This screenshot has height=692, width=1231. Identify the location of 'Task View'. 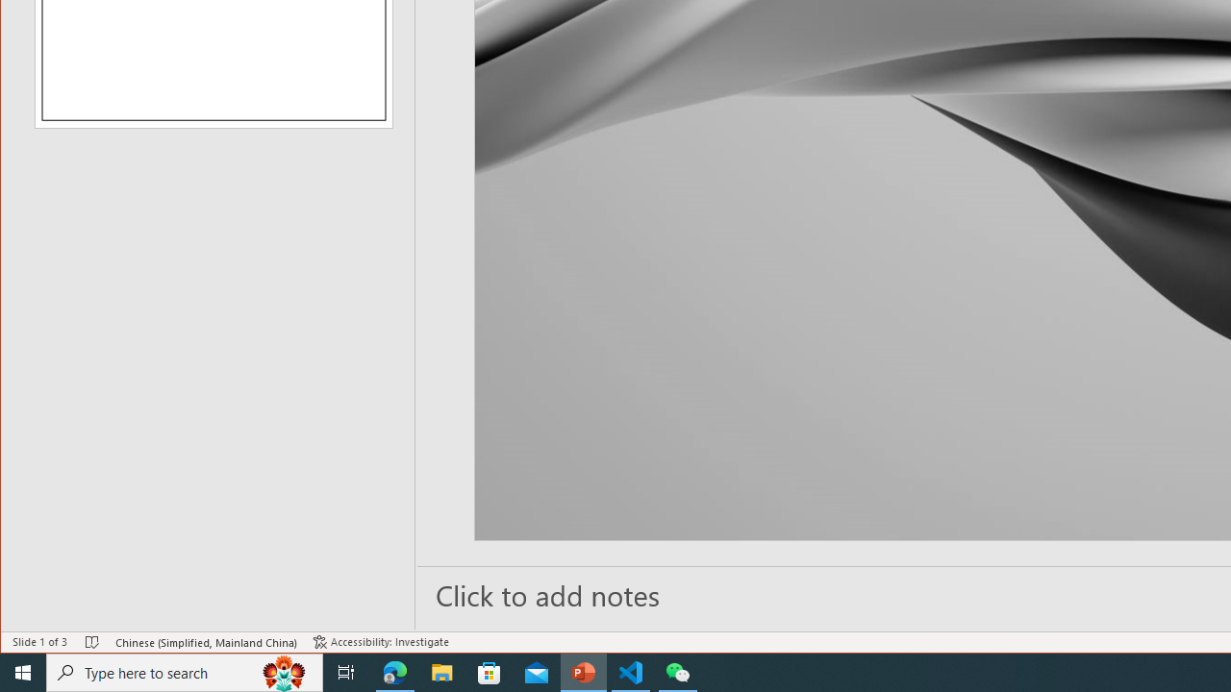
(345, 671).